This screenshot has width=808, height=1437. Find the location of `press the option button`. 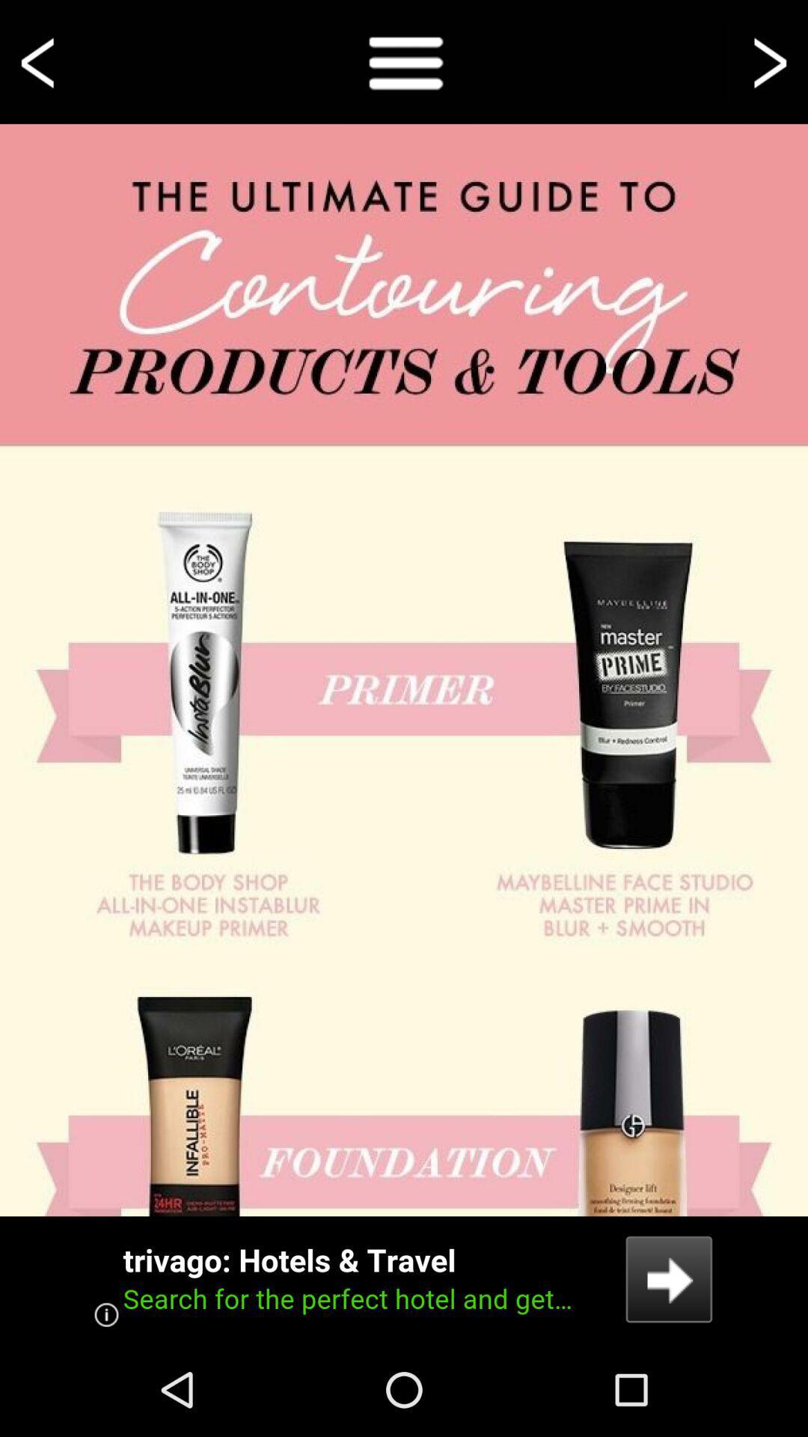

press the option button is located at coordinates (404, 61).